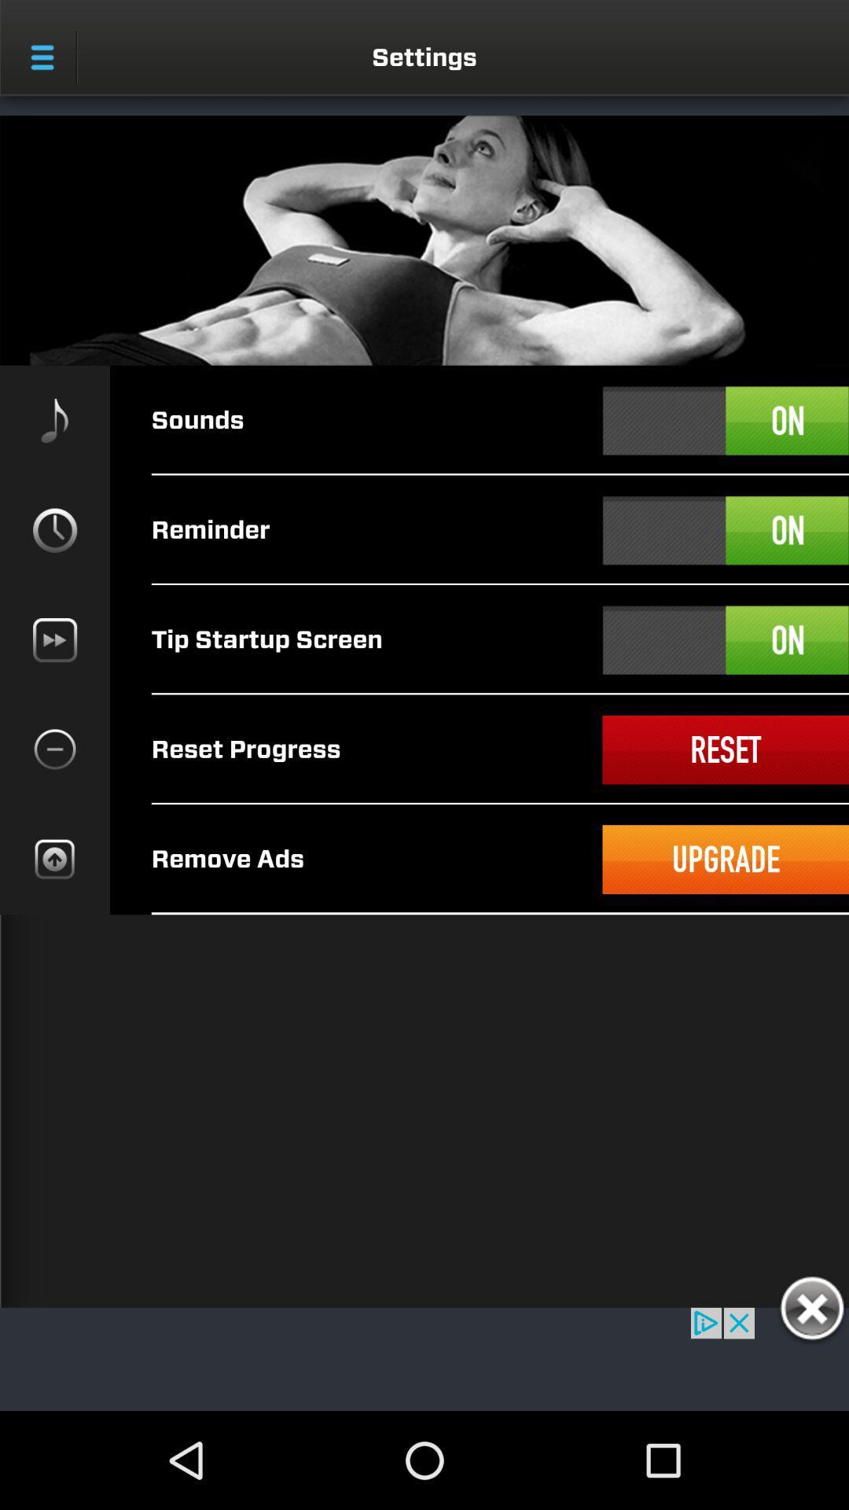  I want to click on this box, so click(811, 1311).